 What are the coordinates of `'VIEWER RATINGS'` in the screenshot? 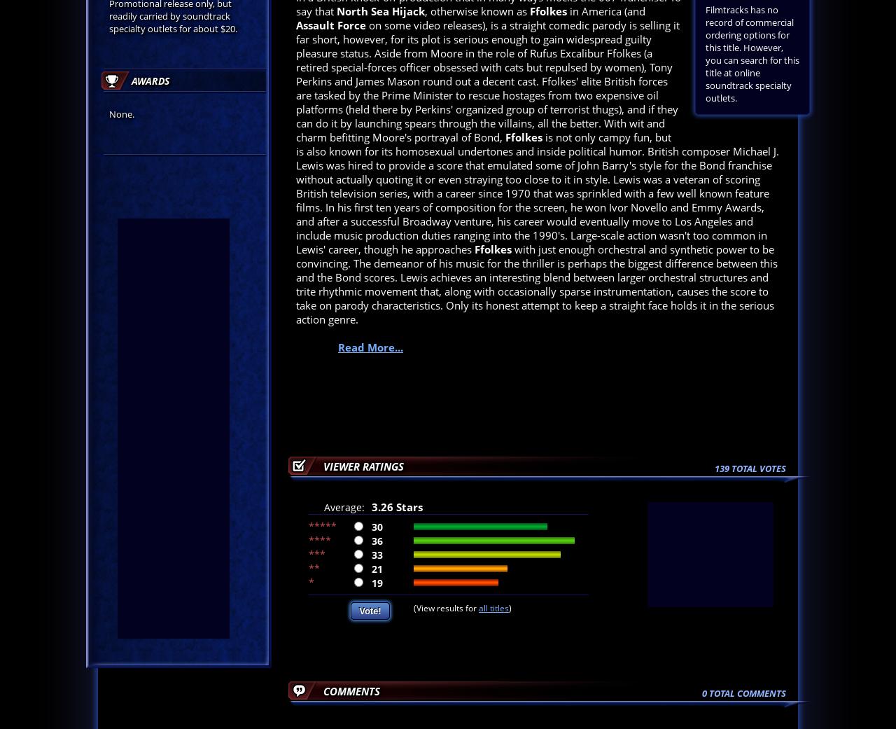 It's located at (363, 466).